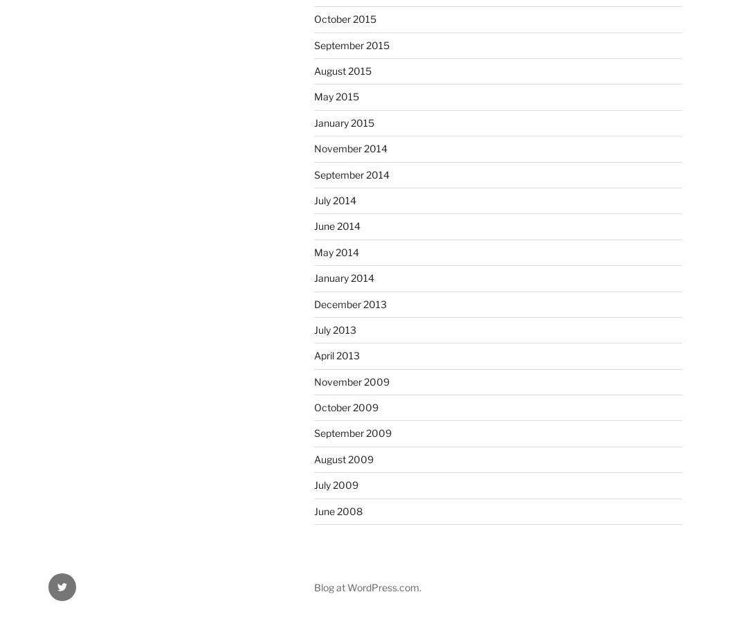 This screenshot has height=619, width=730. What do you see at coordinates (367, 586) in the screenshot?
I see `'Blog at WordPress.com.'` at bounding box center [367, 586].